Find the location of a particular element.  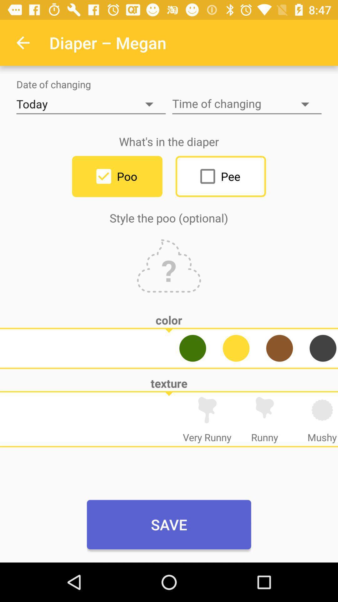

pick black as poo color is located at coordinates (323, 348).